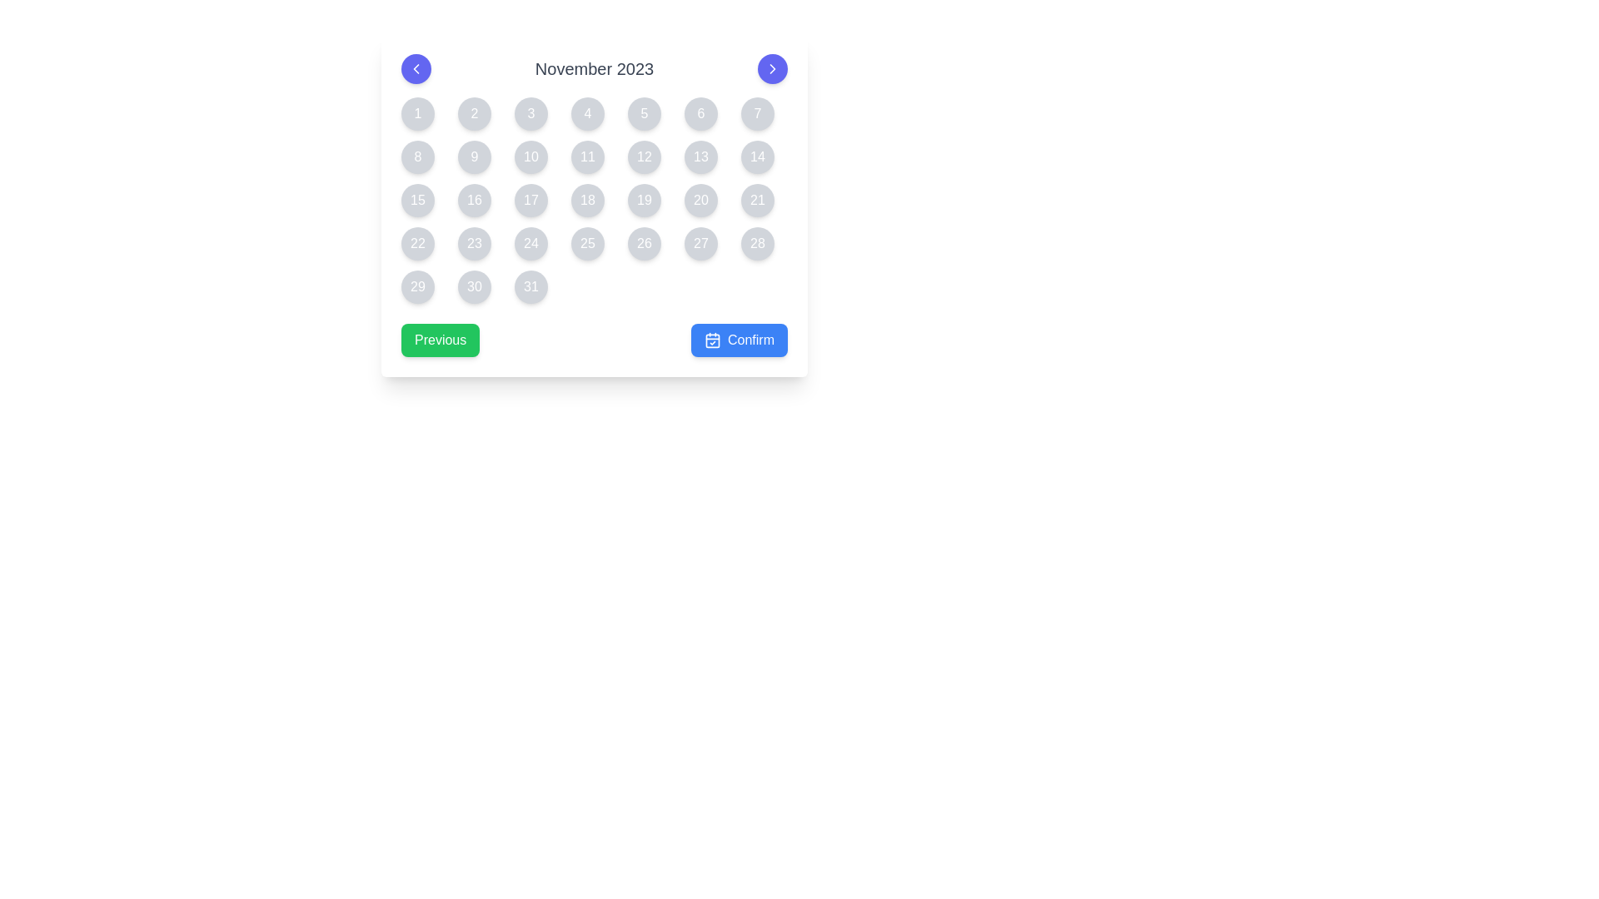 The image size is (1599, 899). What do you see at coordinates (531, 199) in the screenshot?
I see `the circular button with a gray background displaying the number '17' in white text` at bounding box center [531, 199].